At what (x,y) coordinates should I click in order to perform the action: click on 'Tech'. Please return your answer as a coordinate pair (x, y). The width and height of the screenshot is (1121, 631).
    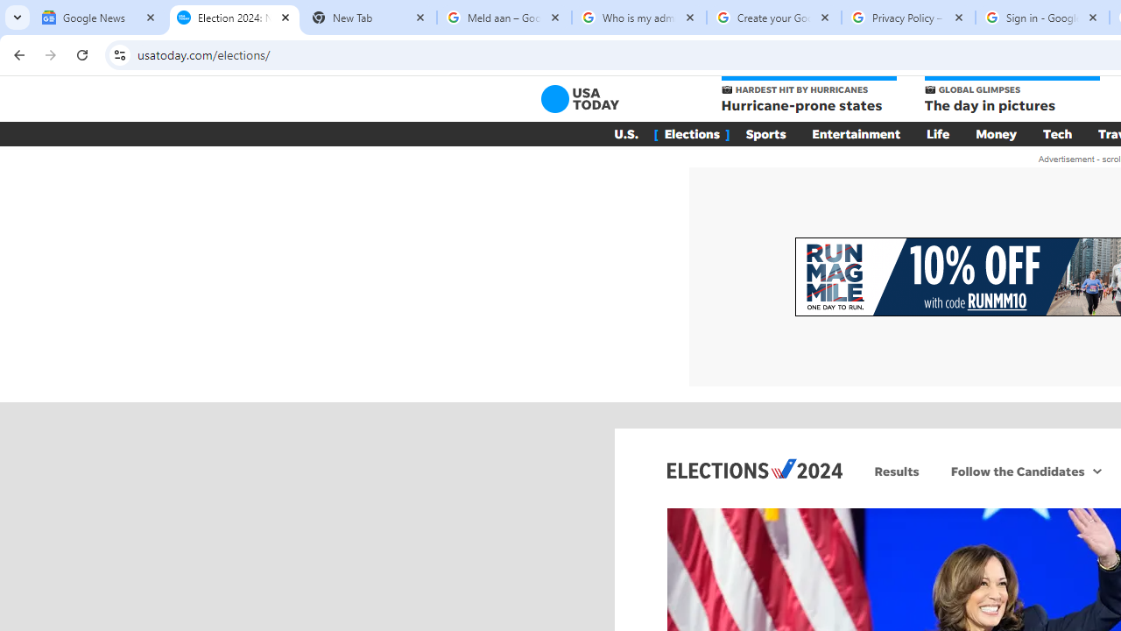
    Looking at the image, I should click on (1056, 133).